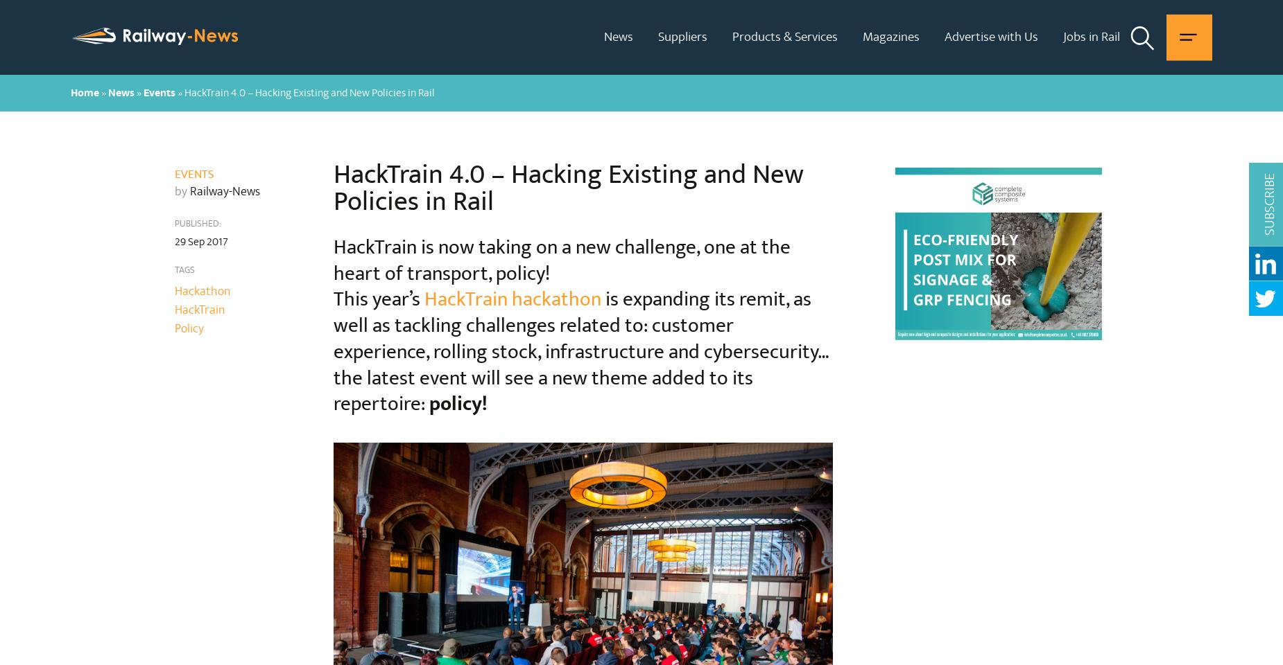 The width and height of the screenshot is (1283, 665). Describe the element at coordinates (861, 35) in the screenshot. I see `'Magazines'` at that location.